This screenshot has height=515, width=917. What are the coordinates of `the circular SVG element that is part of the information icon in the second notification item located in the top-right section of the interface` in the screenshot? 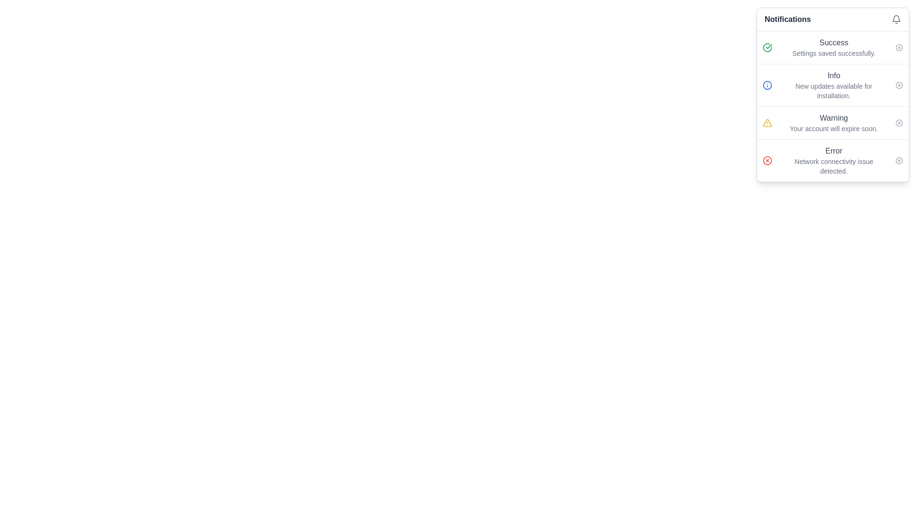 It's located at (768, 84).